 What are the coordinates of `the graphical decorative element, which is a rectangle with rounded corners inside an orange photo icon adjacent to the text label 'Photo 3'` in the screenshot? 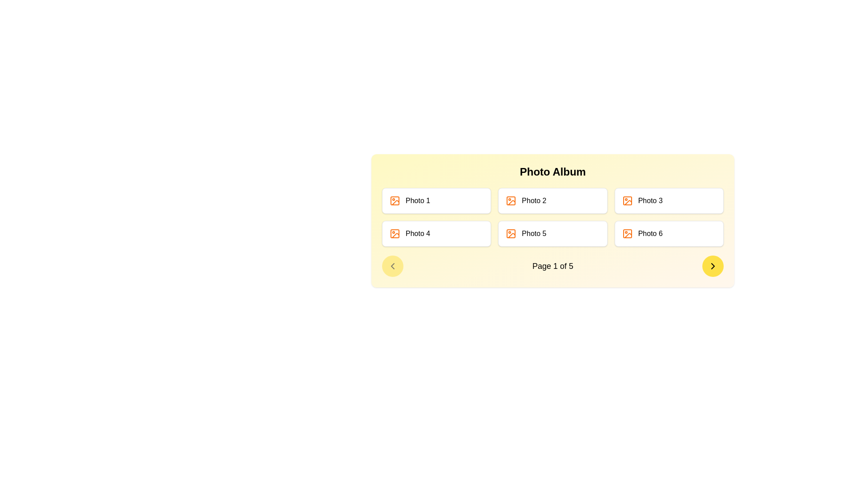 It's located at (627, 200).